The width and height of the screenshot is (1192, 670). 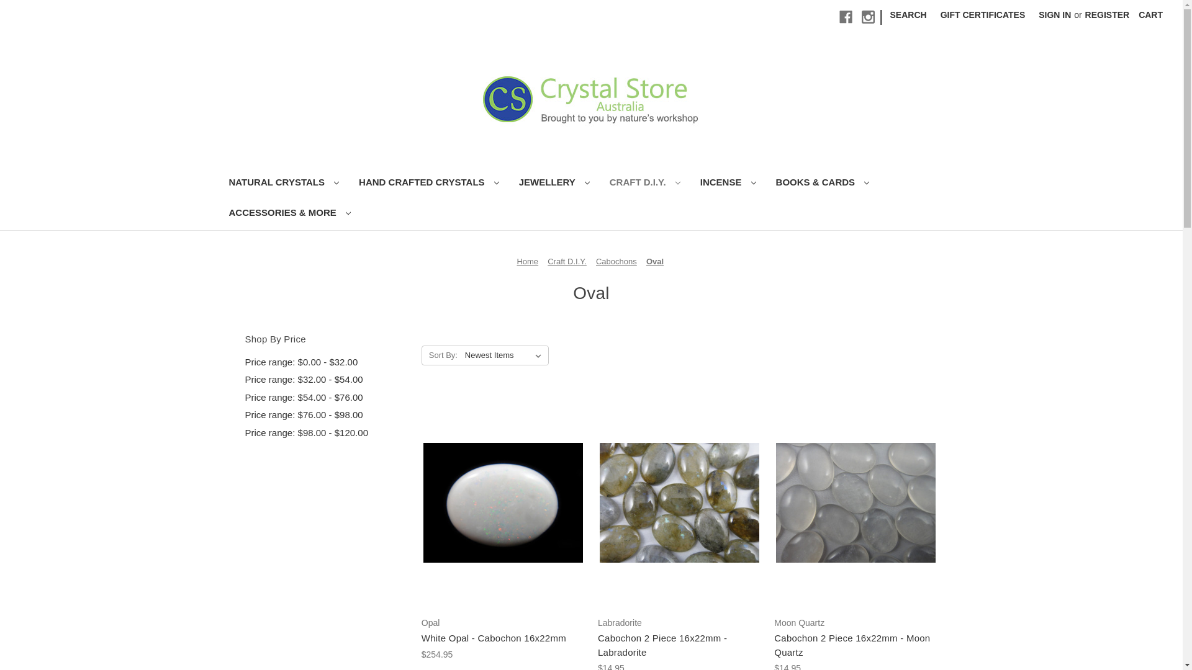 What do you see at coordinates (679, 645) in the screenshot?
I see `'Cabochon 2 Piece 16x22mm - Labradorite'` at bounding box center [679, 645].